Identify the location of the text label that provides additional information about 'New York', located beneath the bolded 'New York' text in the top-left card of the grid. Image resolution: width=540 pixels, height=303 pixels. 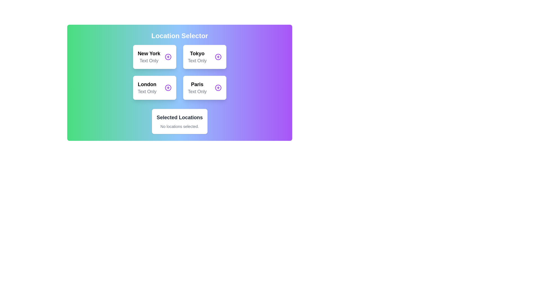
(149, 61).